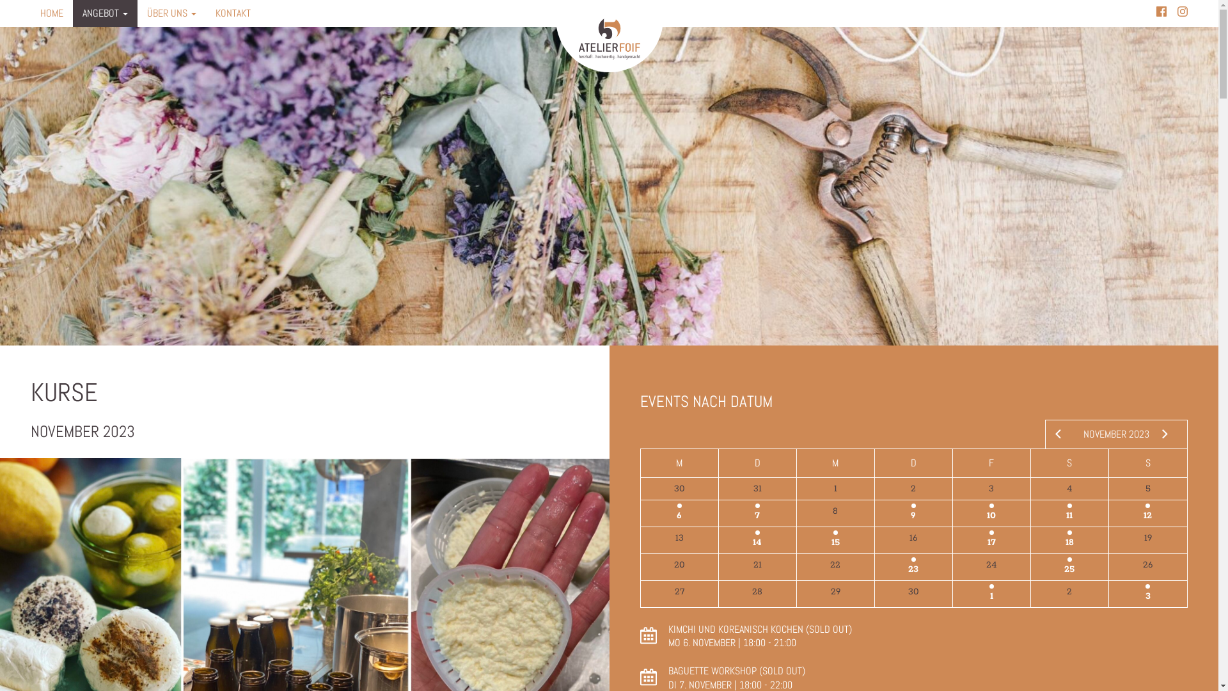  What do you see at coordinates (105, 13) in the screenshot?
I see `'ANGEBOT'` at bounding box center [105, 13].